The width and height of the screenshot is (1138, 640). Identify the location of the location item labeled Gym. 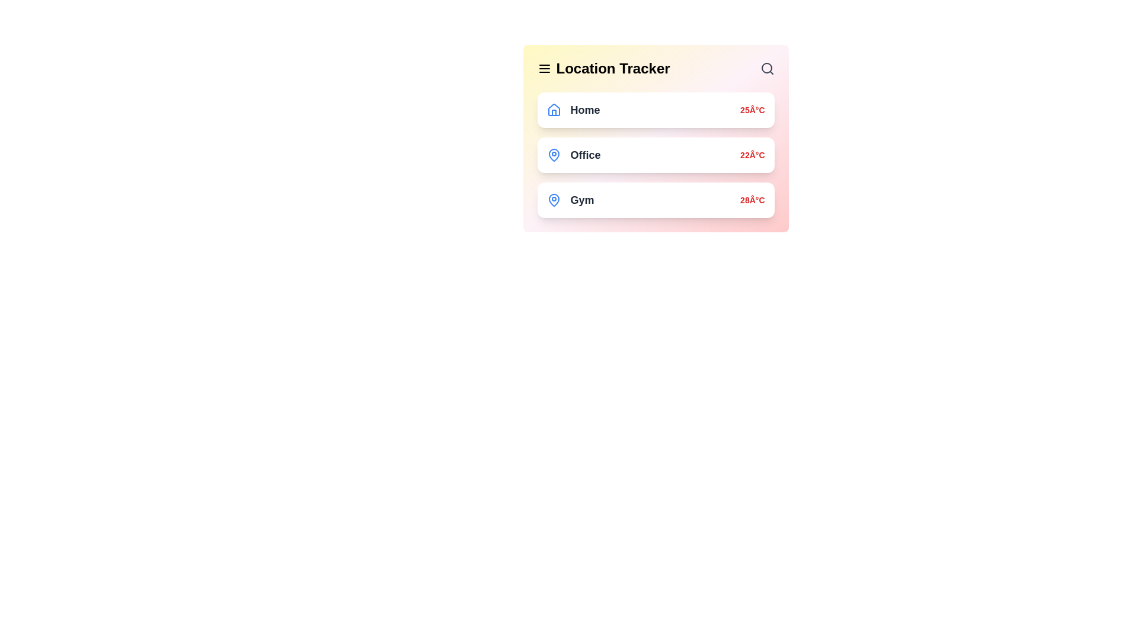
(655, 200).